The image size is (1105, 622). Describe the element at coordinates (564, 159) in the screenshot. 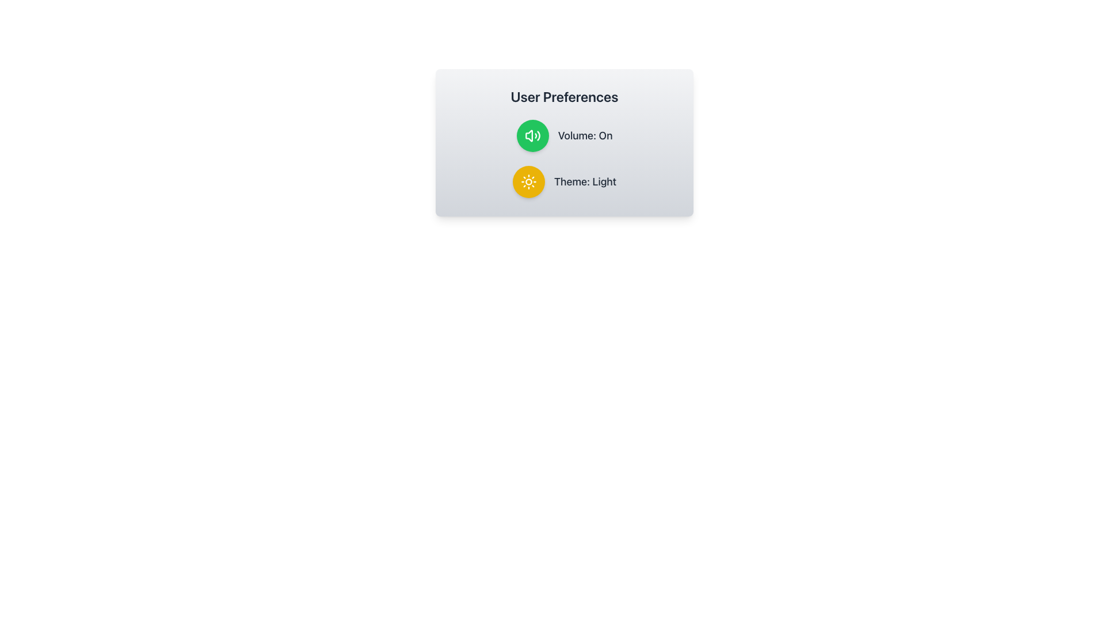

I see `the configuration overview element displaying current settings for volume and theme, located in the 'User Preferences' section beneath the title 'User Preferences.'` at that location.